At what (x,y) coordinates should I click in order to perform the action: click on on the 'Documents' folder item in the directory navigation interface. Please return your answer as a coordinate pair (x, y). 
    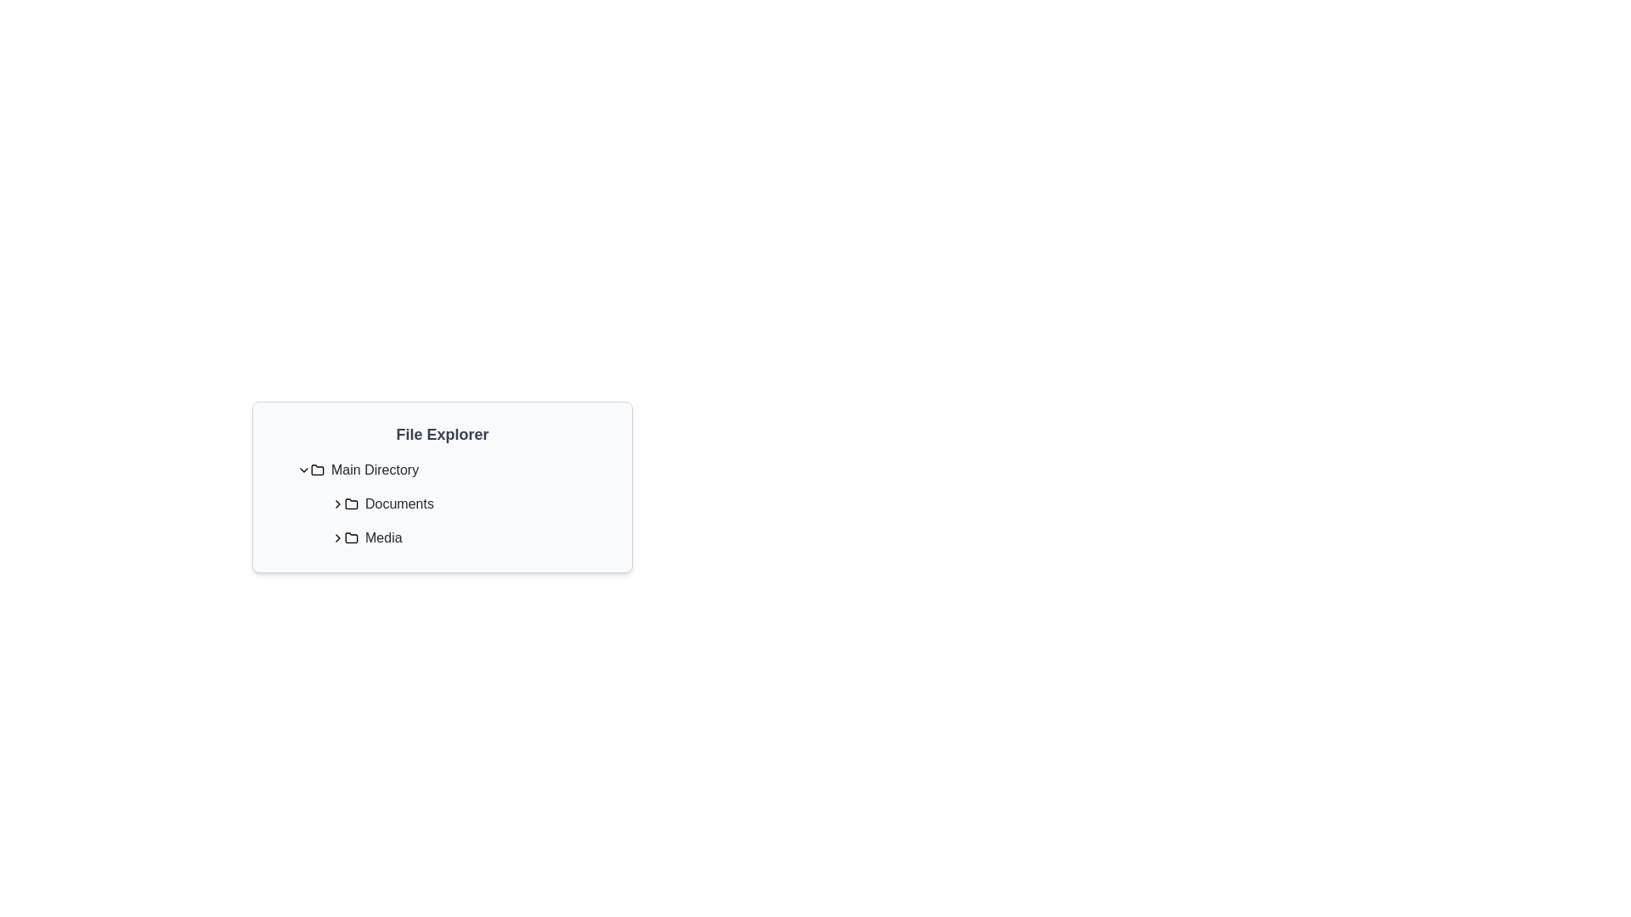
    Looking at the image, I should click on (466, 504).